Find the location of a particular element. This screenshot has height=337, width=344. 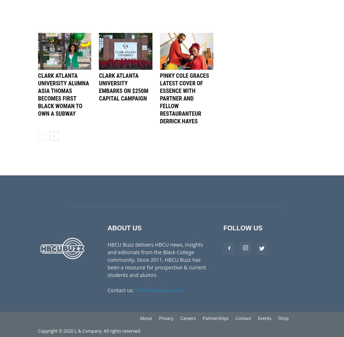

'HBCU Buzz delivers HBCU news, insights and editorials from the Black College community. Since 2011, HBCU Buzz has been a resource for prospective & current students and alumni.' is located at coordinates (156, 259).